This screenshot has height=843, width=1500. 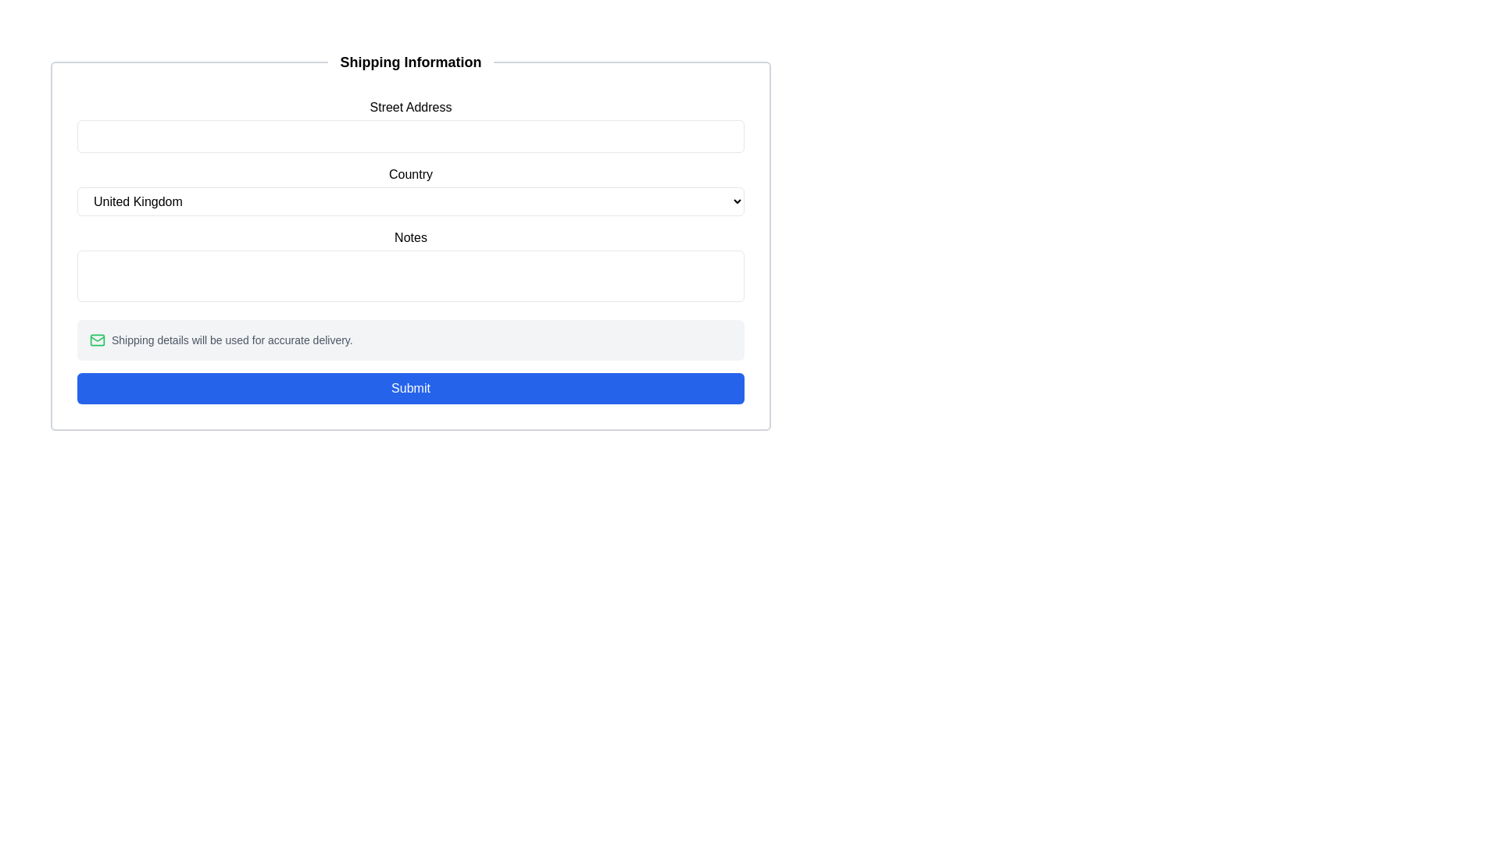 What do you see at coordinates (411, 174) in the screenshot?
I see `the 'Country' text label located above the 'United Kingdom' dropdown menu in the form layout` at bounding box center [411, 174].